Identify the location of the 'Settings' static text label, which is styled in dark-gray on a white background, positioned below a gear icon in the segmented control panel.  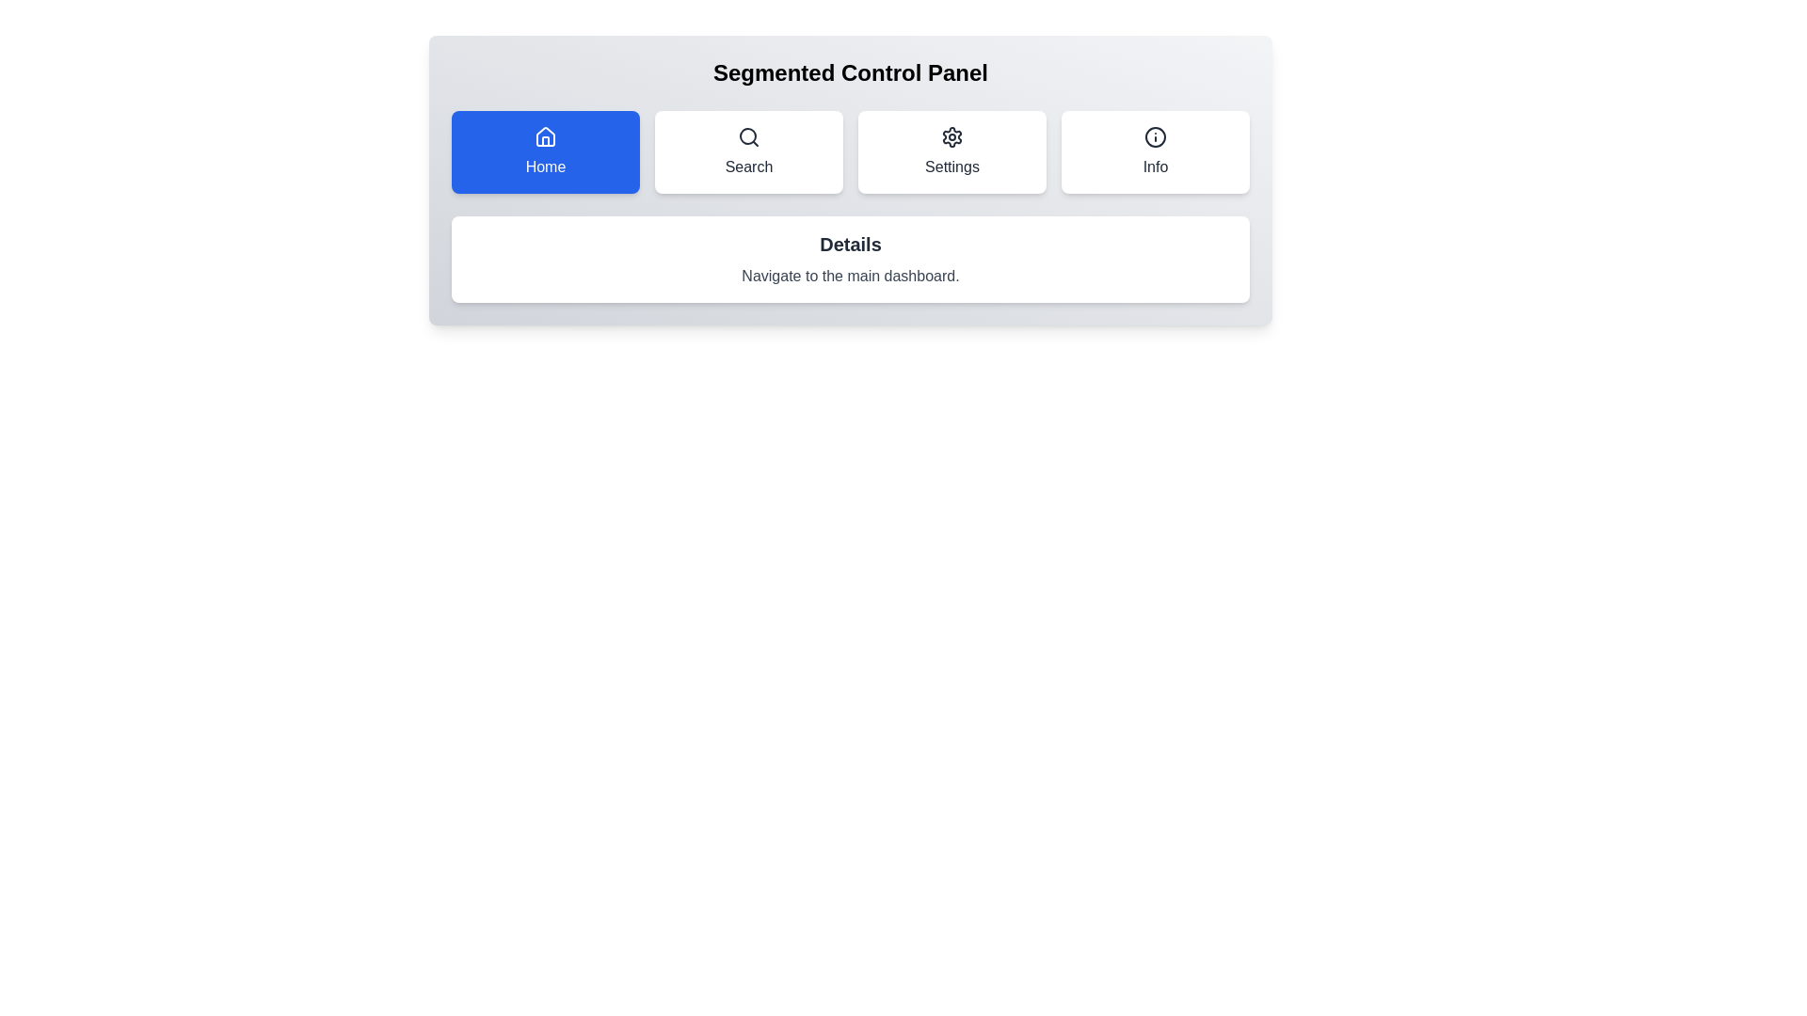
(952, 166).